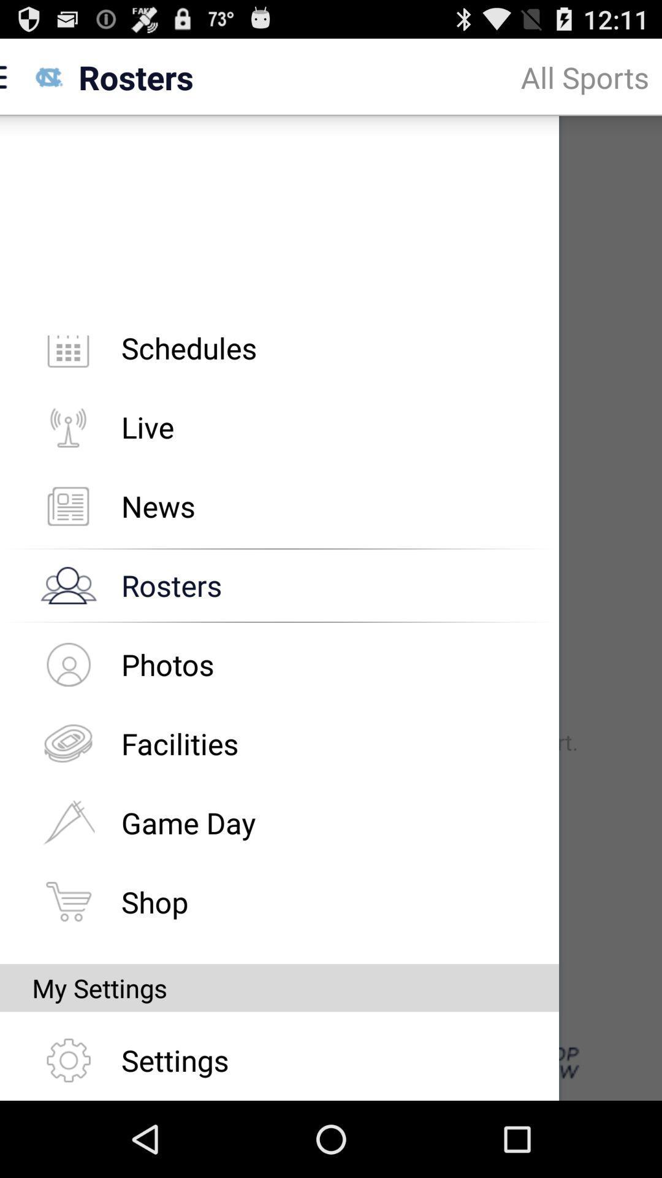 The width and height of the screenshot is (662, 1178). What do you see at coordinates (68, 585) in the screenshot?
I see `roasters icon down to the news icon` at bounding box center [68, 585].